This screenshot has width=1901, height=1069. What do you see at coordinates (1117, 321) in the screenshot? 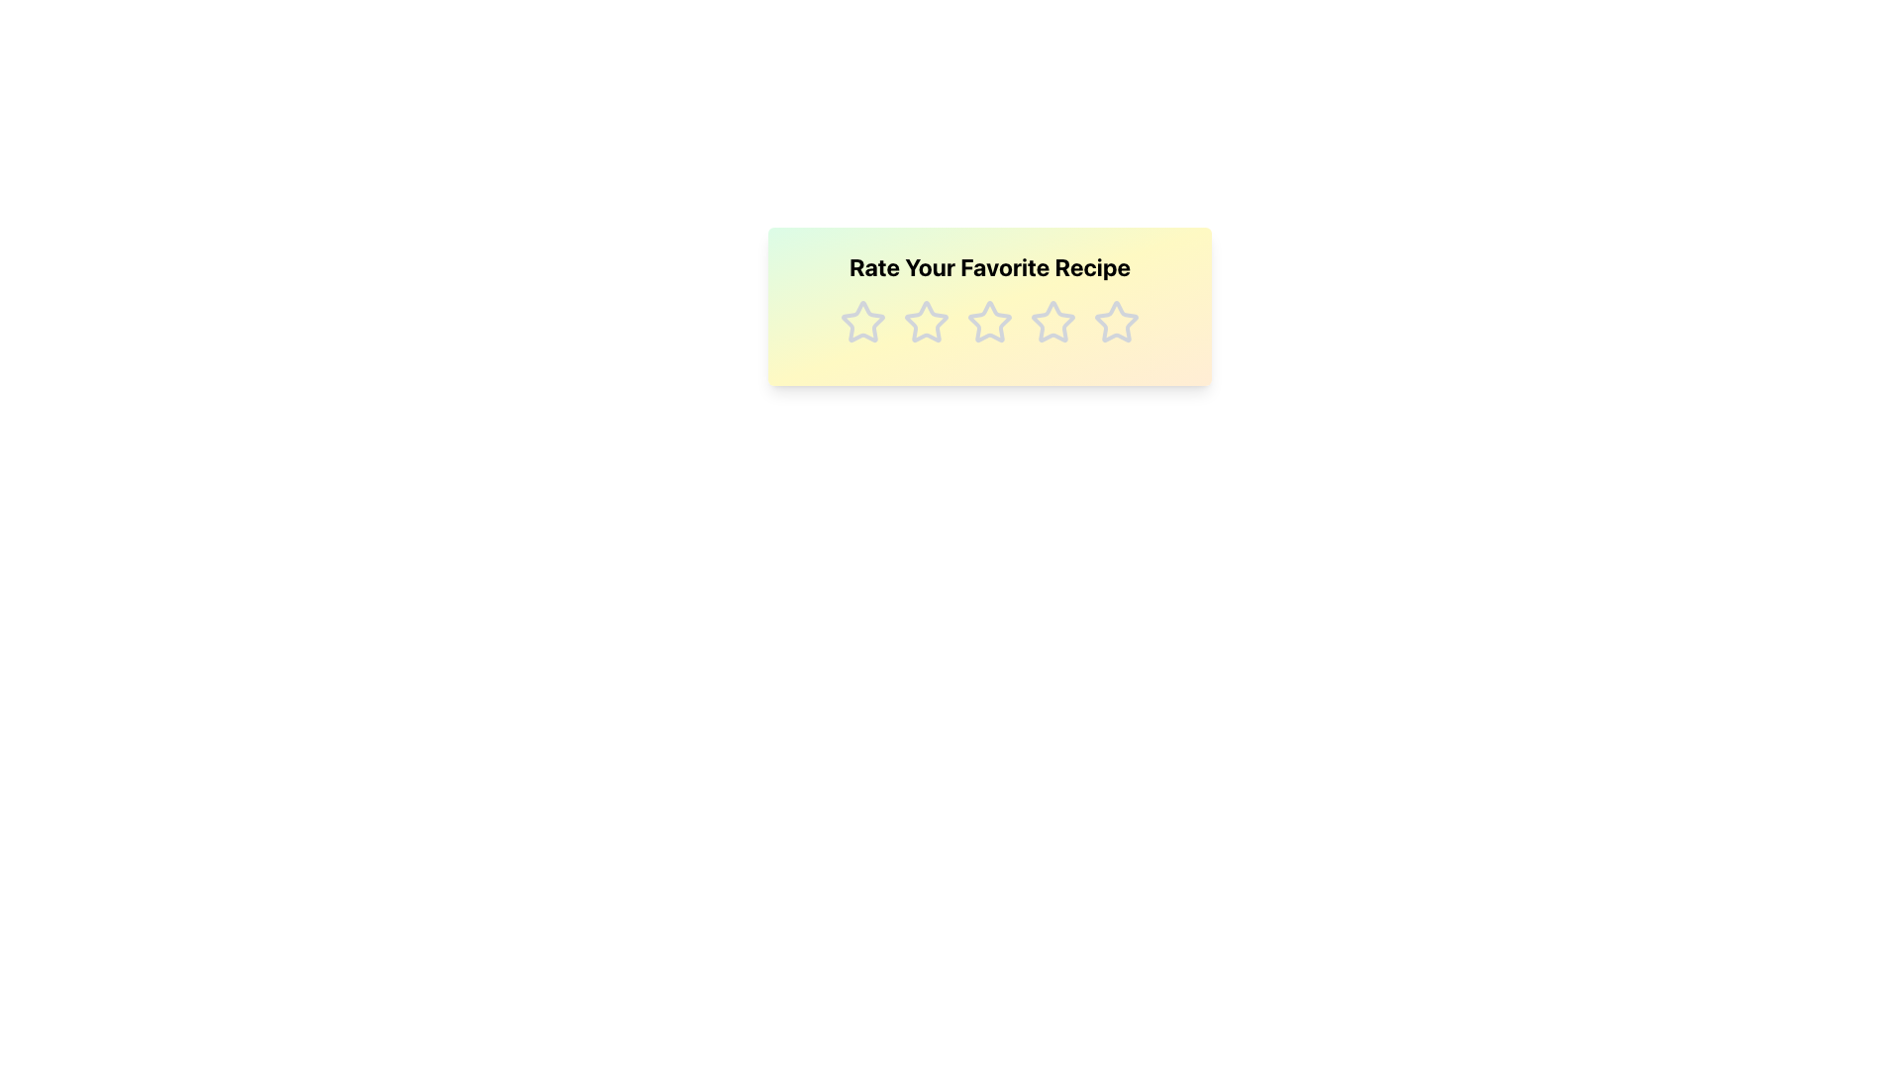
I see `the fifth star-shaped icon in the rating component` at bounding box center [1117, 321].